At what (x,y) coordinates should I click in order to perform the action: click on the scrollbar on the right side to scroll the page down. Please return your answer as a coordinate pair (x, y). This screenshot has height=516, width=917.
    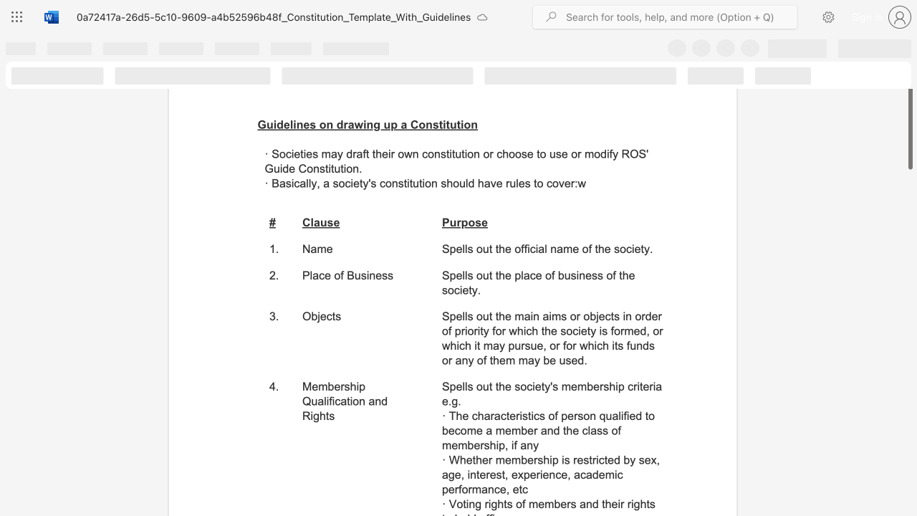
    Looking at the image, I should click on (909, 480).